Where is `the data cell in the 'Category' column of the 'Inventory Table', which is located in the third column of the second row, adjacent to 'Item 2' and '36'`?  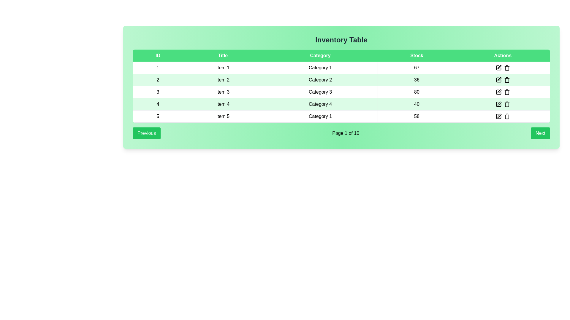
the data cell in the 'Category' column of the 'Inventory Table', which is located in the third column of the second row, adjacent to 'Item 2' and '36' is located at coordinates (320, 80).